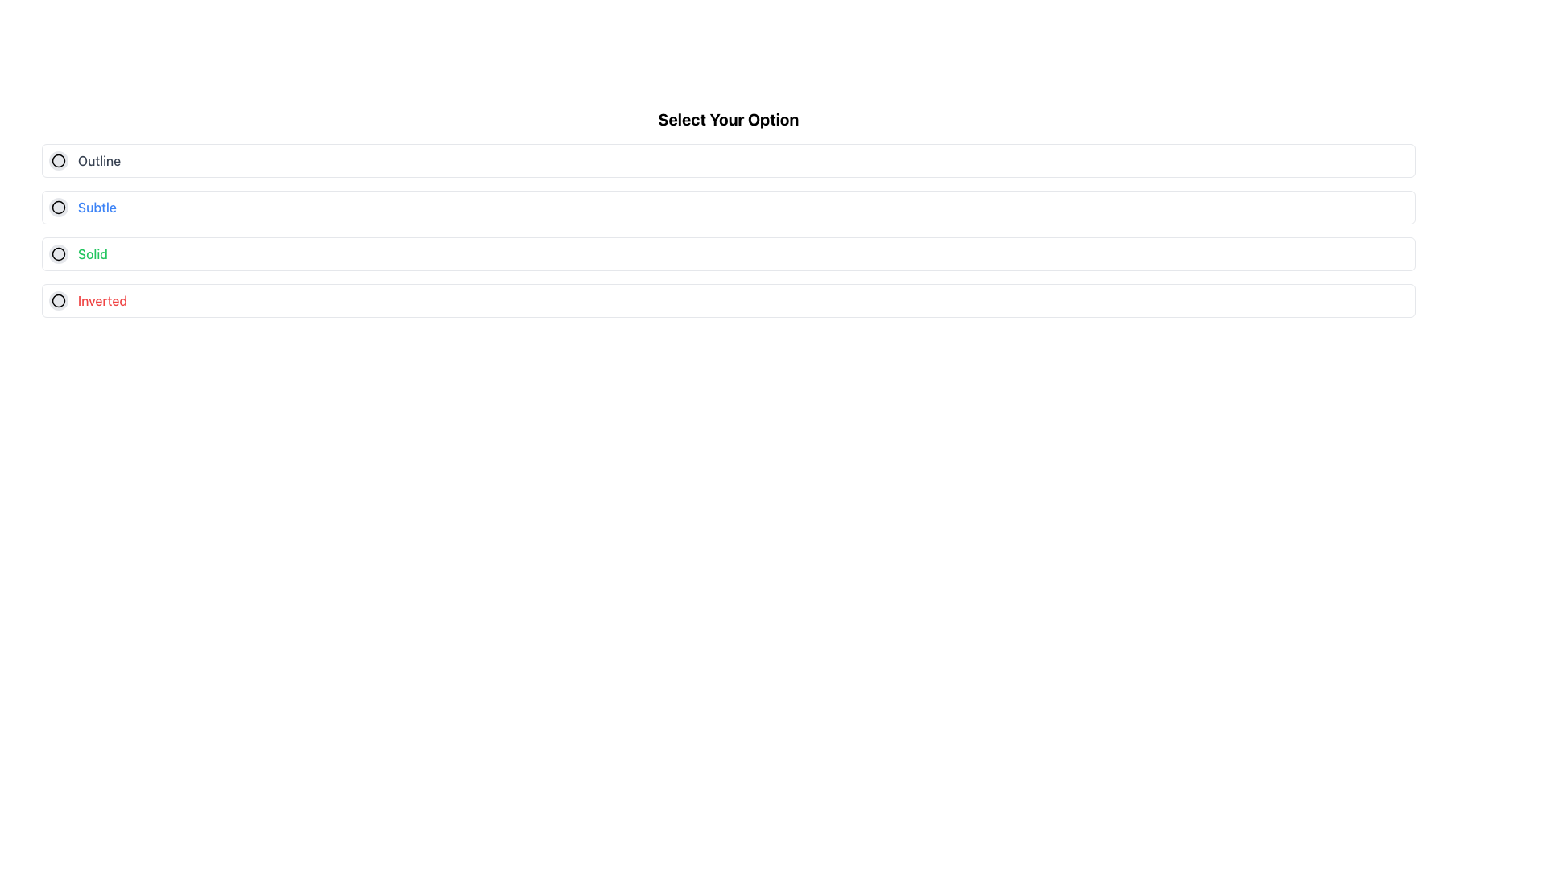 The height and width of the screenshot is (869, 1546). Describe the element at coordinates (96, 207) in the screenshot. I see `the text label displaying 'Subtle' in bold blue font` at that location.